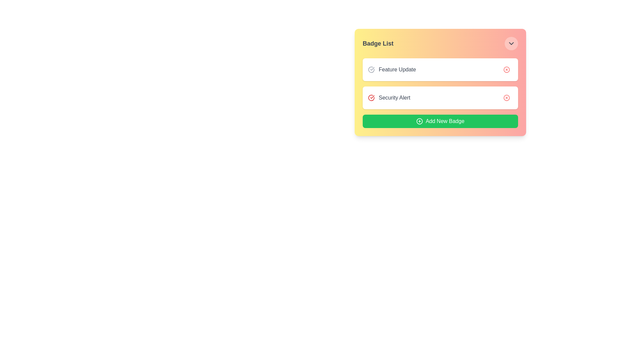 The width and height of the screenshot is (643, 362). I want to click on the 'Security Alert' text with a red checkmark icon, which is the second item, so click(389, 98).